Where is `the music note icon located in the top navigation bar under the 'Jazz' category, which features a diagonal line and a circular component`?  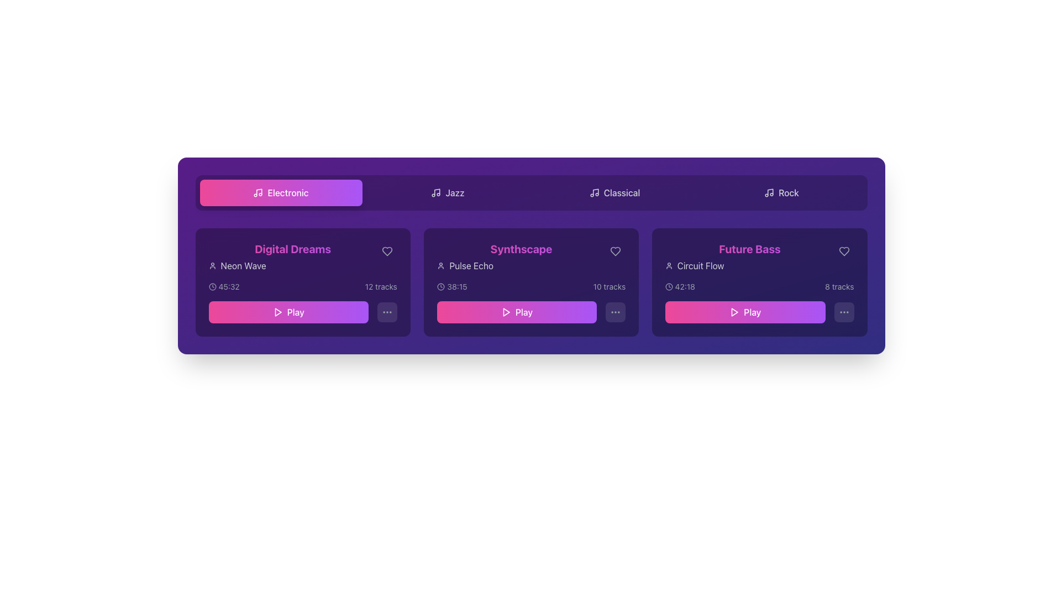
the music note icon located in the top navigation bar under the 'Jazz' category, which features a diagonal line and a circular component is located at coordinates (437, 191).